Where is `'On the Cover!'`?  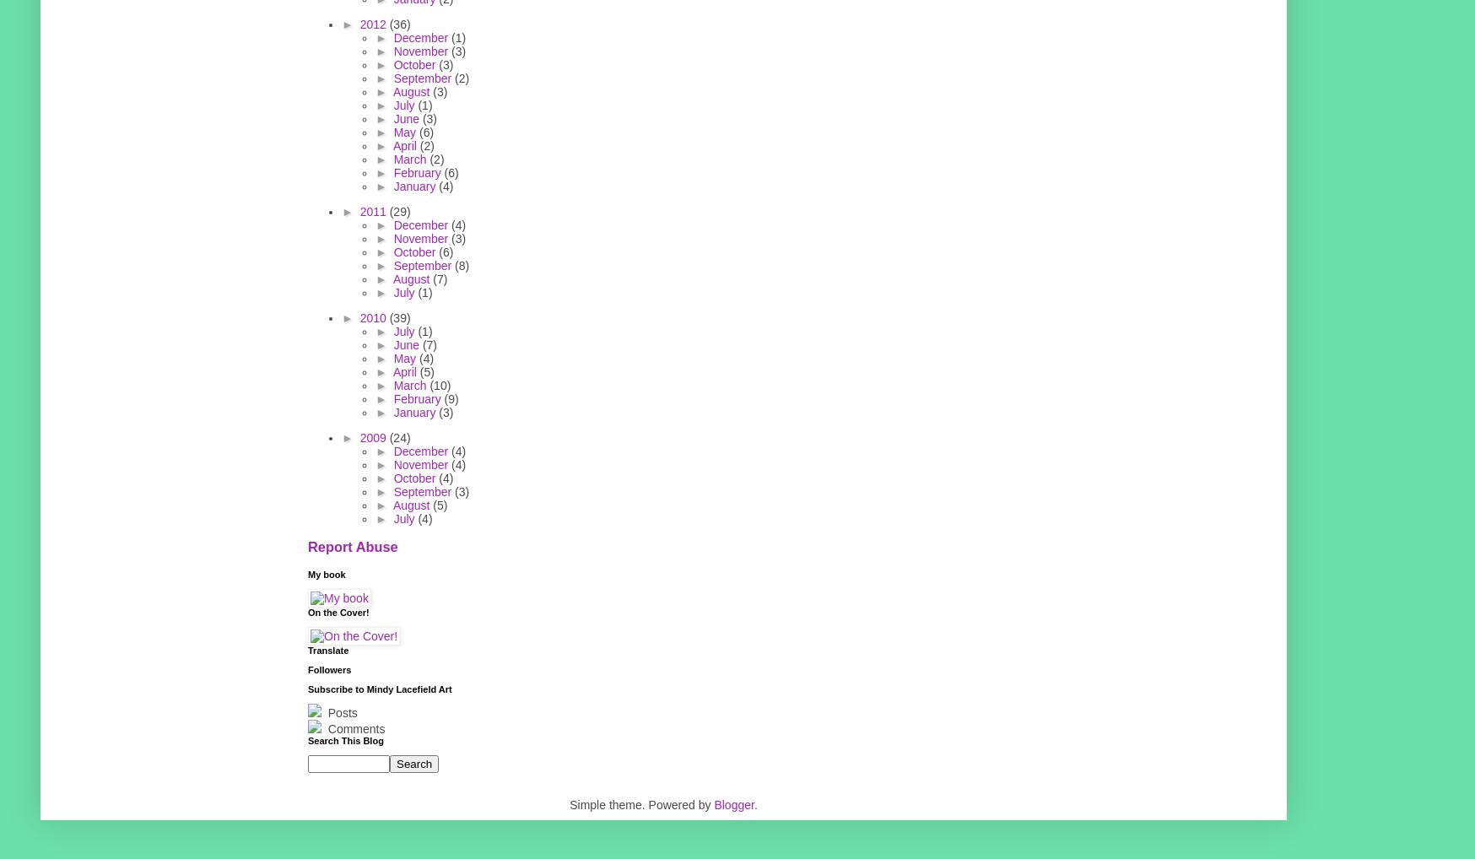 'On the Cover!' is located at coordinates (338, 611).